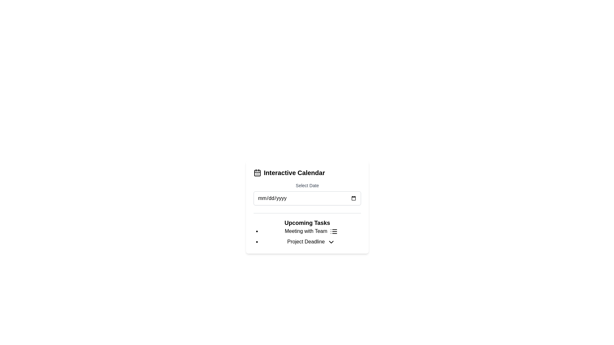 The width and height of the screenshot is (614, 345). Describe the element at coordinates (307, 236) in the screenshot. I see `the List Item Group located beneath the 'Upcoming Tasks' heading` at that location.